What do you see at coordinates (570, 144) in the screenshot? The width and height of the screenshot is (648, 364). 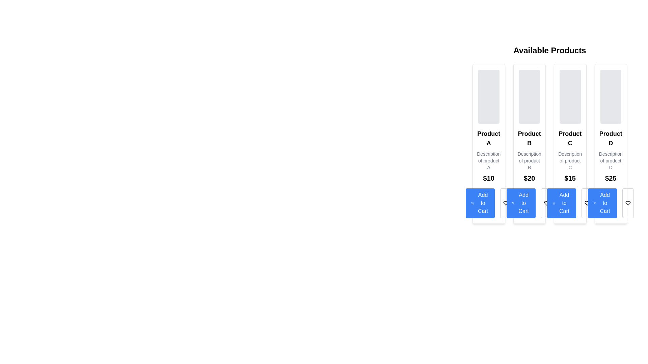 I see `the 'Add to Cart' button on the Product C card, which is the third card in a grid layout of four product cards, located centrally between 'Product B' and 'Product D'` at bounding box center [570, 144].